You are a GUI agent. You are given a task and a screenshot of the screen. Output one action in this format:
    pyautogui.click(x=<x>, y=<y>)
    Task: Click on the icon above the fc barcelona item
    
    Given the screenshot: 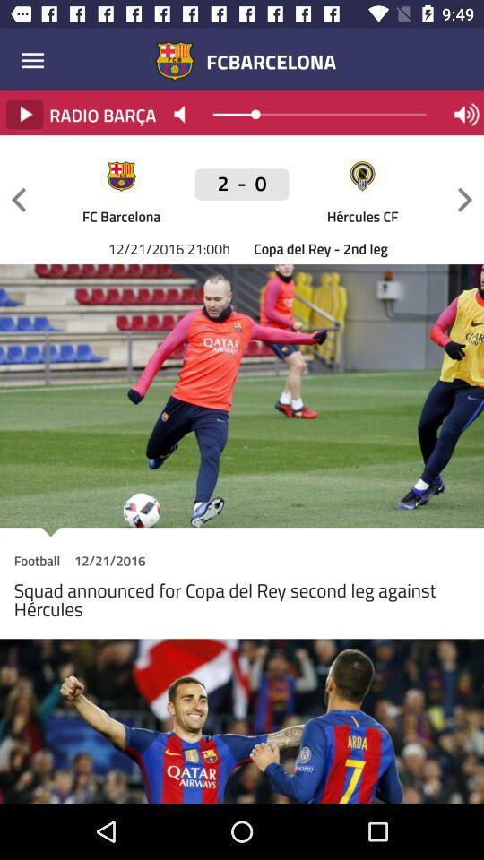 What is the action you would take?
    pyautogui.click(x=242, y=185)
    